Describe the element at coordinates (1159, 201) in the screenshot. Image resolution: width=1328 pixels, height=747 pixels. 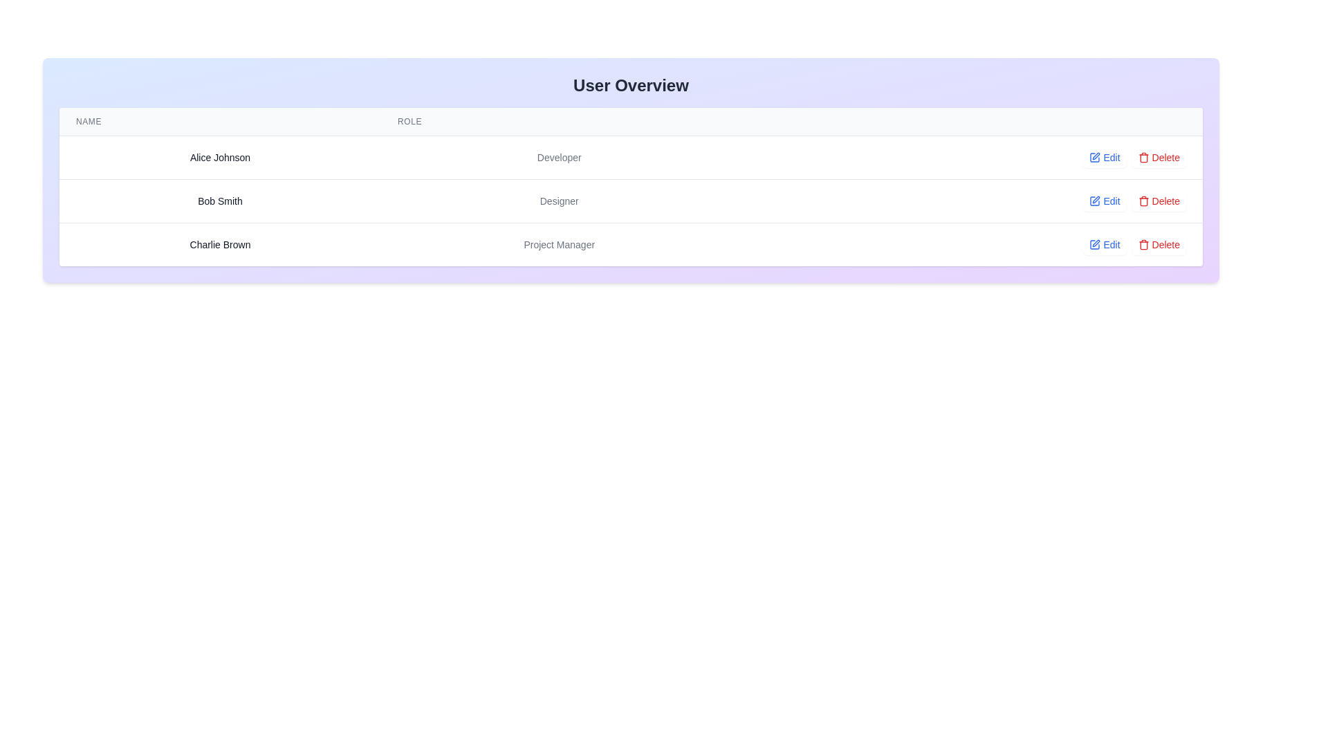
I see `the 'Delete' button with a red trash can icon located in the second row of the table under the actions column` at that location.